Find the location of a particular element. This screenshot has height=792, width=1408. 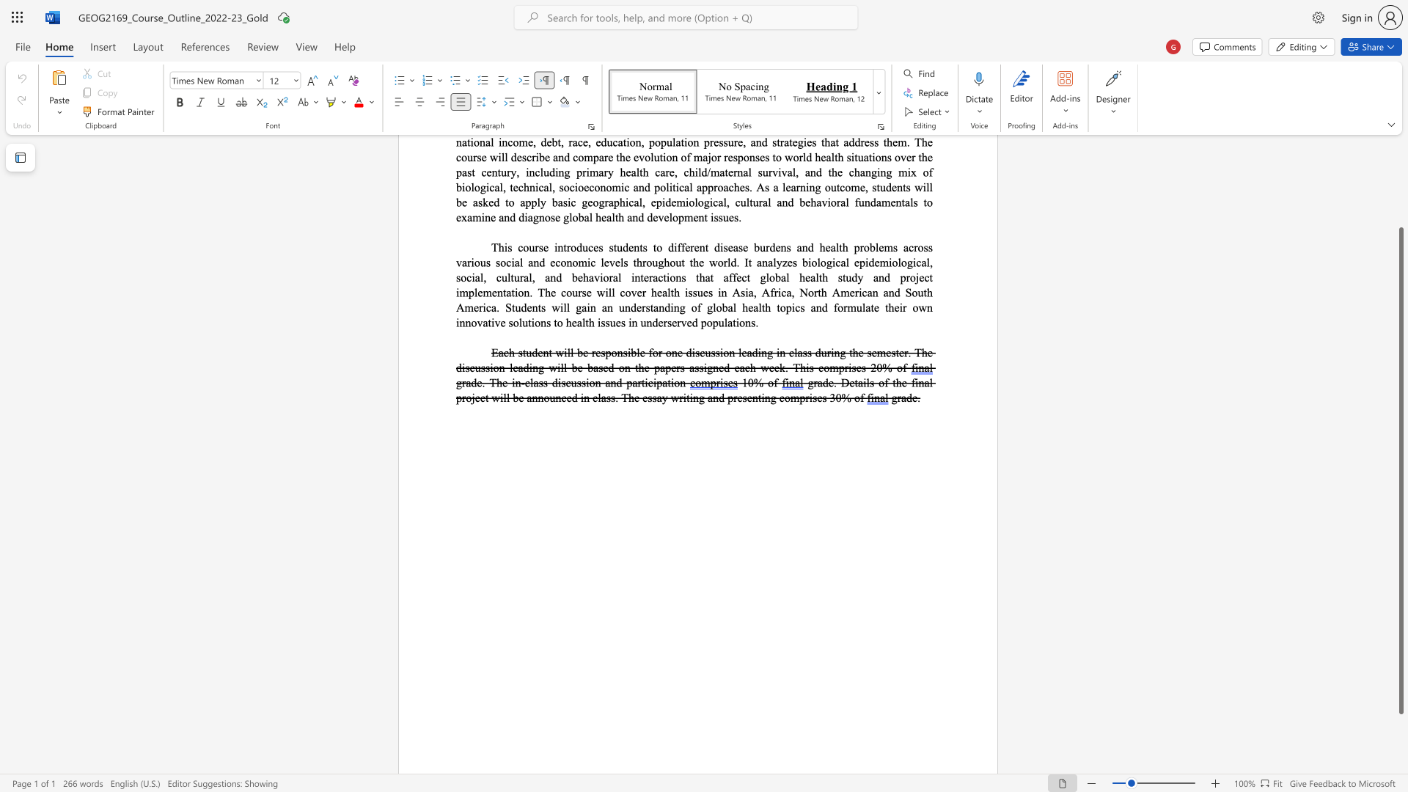

the scrollbar to move the page upward is located at coordinates (1400, 161).